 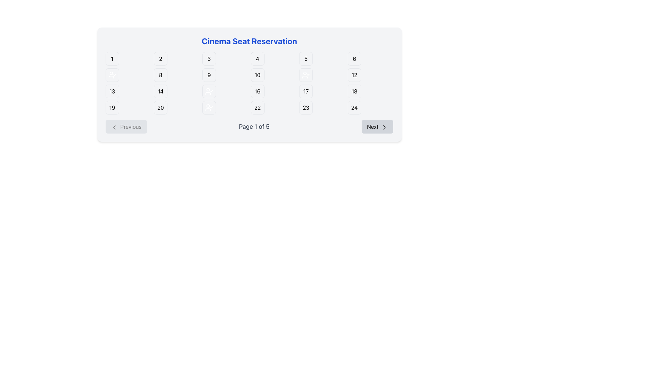 What do you see at coordinates (160, 75) in the screenshot?
I see `the square label with a green background and a black border displaying the number '8' in bold black text, located in the second row and second column of the grid layout` at bounding box center [160, 75].